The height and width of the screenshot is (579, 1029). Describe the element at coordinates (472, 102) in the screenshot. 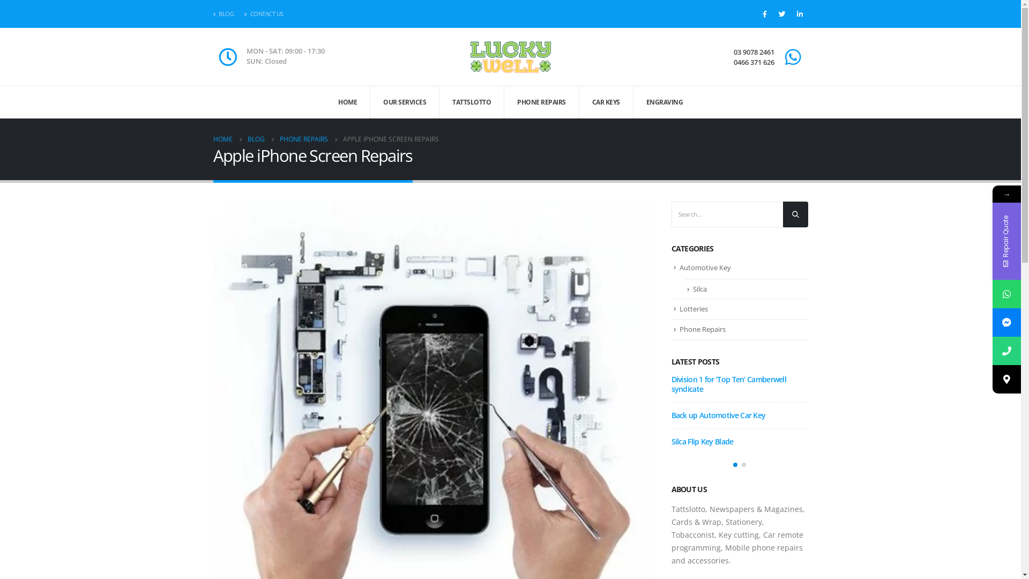

I see `'TATTSLOTTO'` at that location.